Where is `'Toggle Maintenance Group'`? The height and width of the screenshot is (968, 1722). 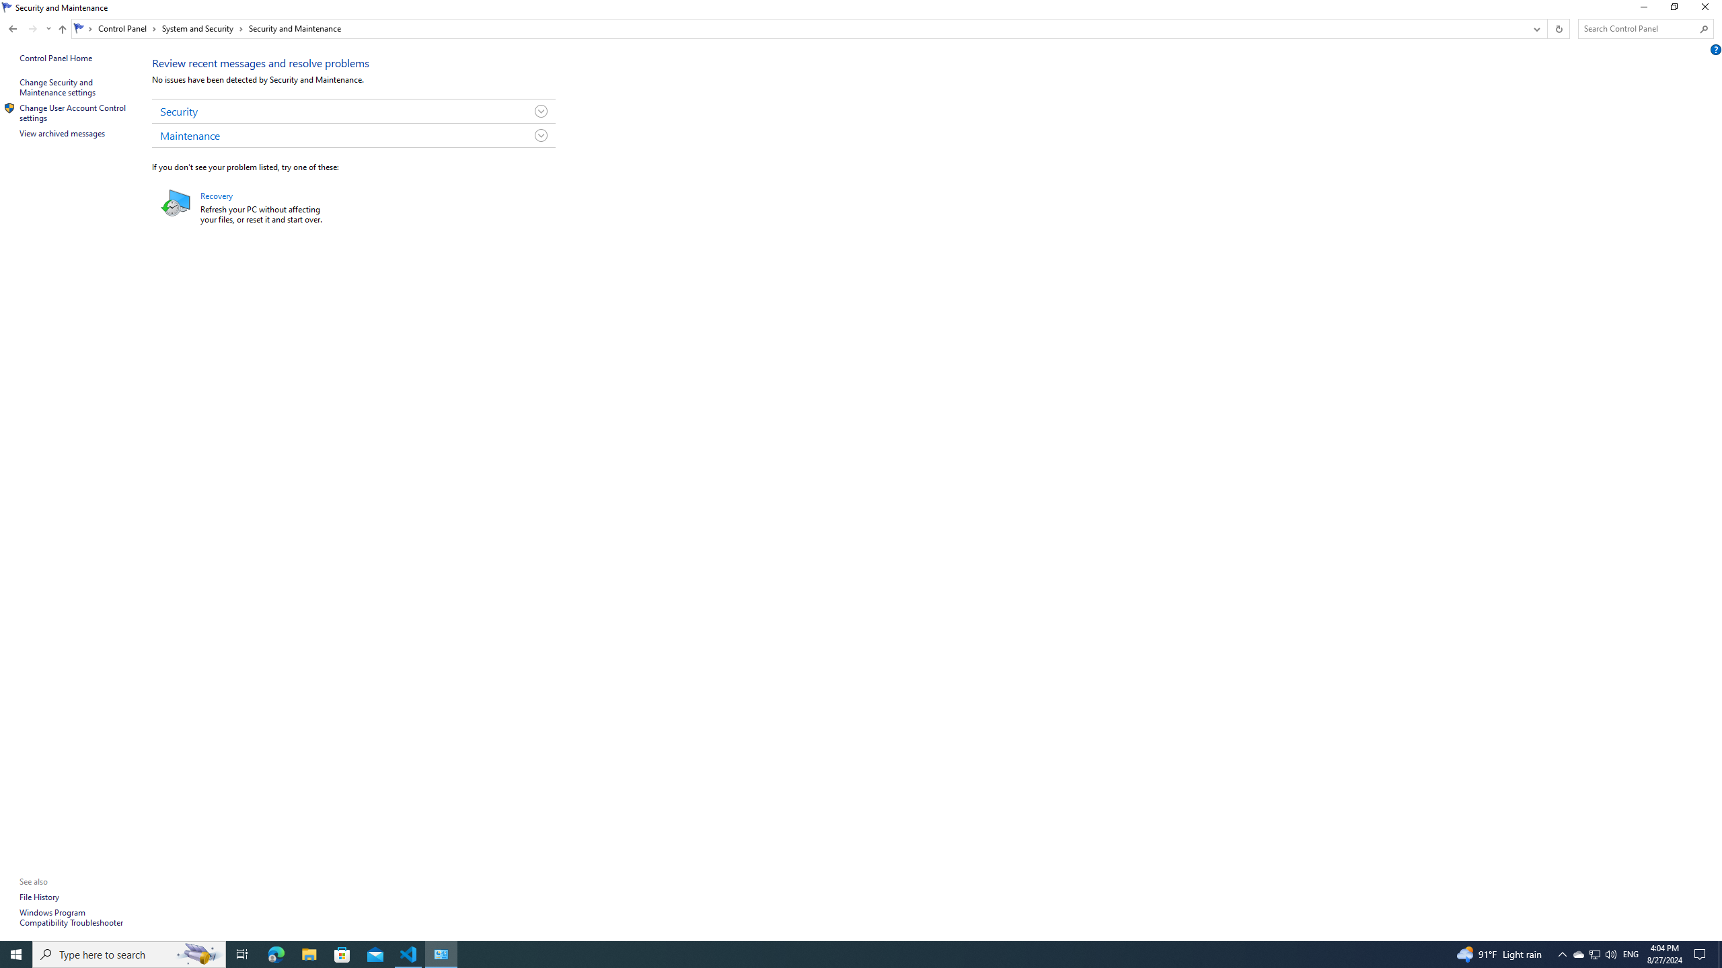
'Toggle Maintenance Group' is located at coordinates (541, 134).